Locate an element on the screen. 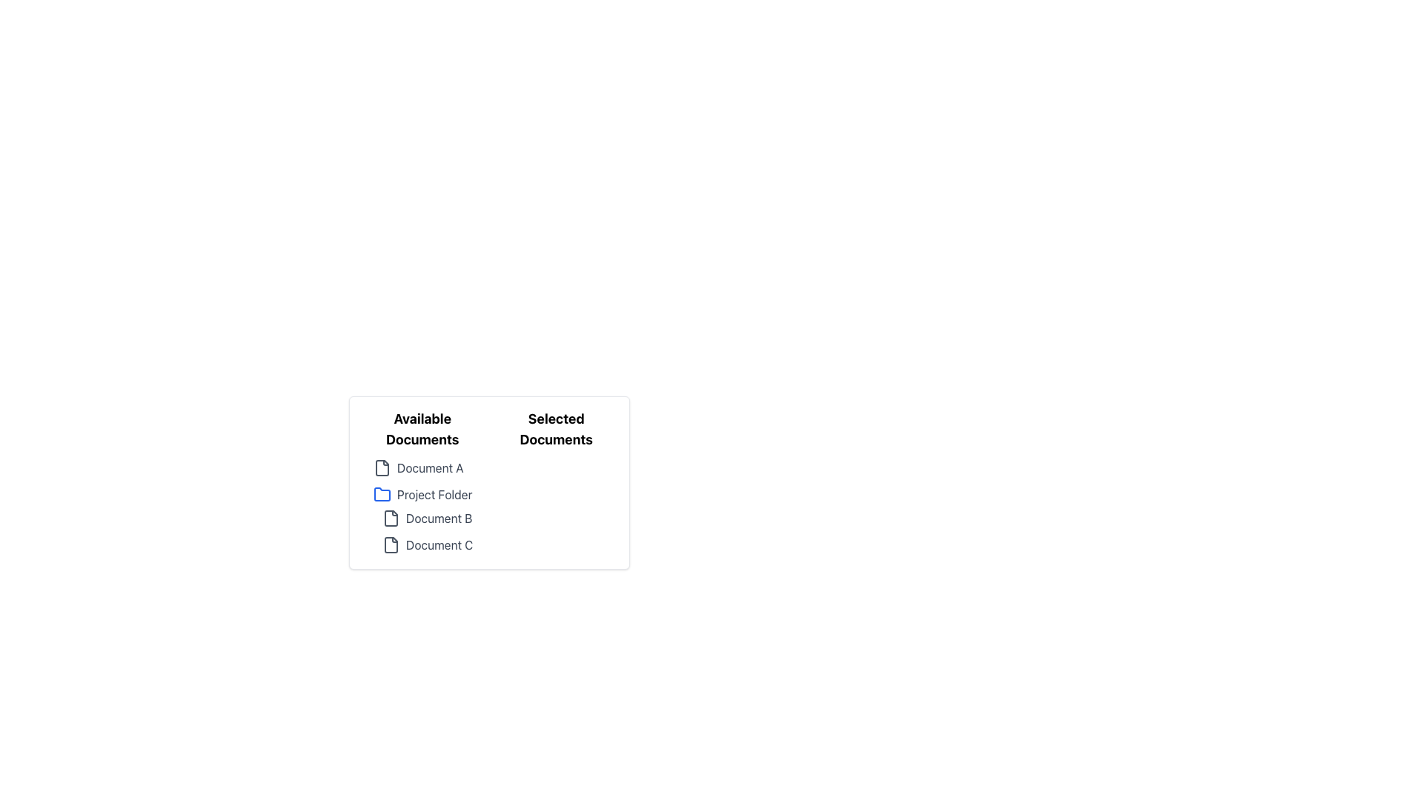 The image size is (1423, 800). the text label displaying 'Document C' in the 'Available Documents' column, which is the fourth entry in the list is located at coordinates (439, 545).